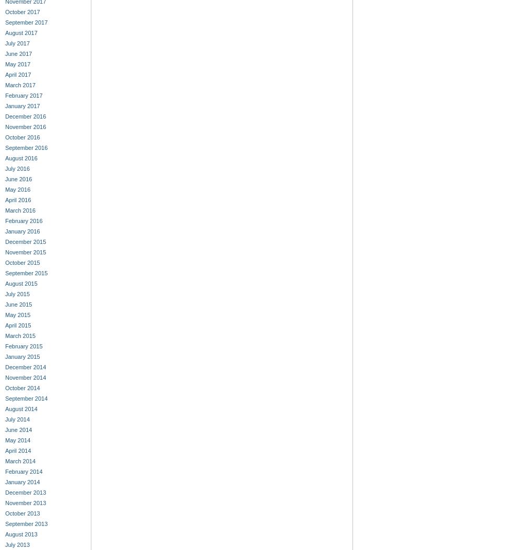 This screenshot has width=517, height=550. What do you see at coordinates (17, 440) in the screenshot?
I see `'May 2014'` at bounding box center [17, 440].